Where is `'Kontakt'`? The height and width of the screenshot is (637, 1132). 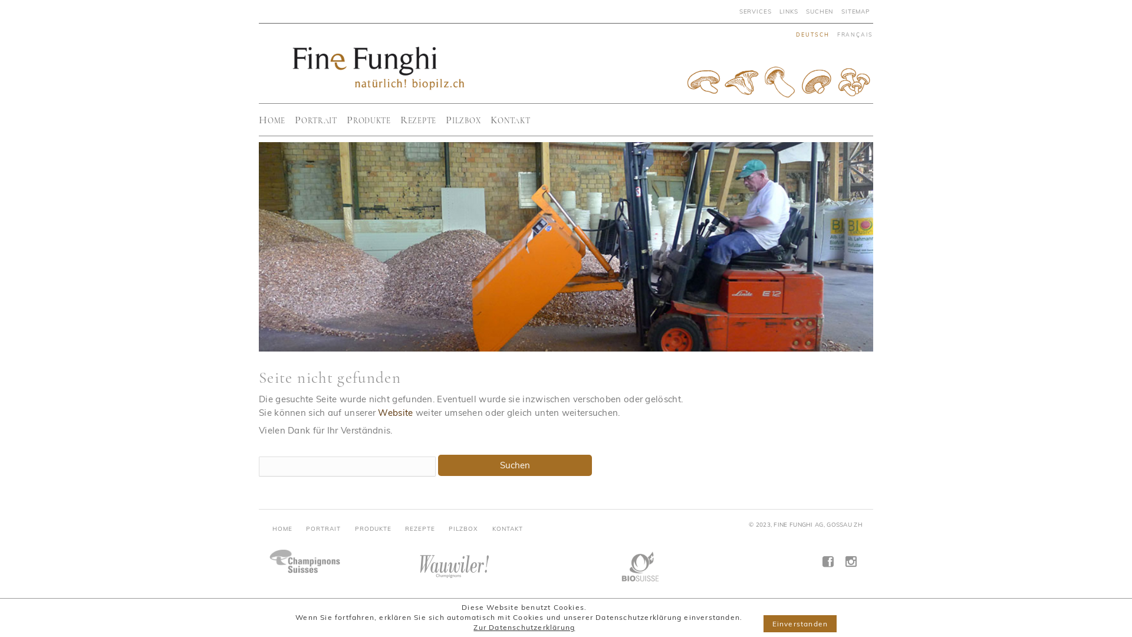
'Kontakt' is located at coordinates (515, 120).